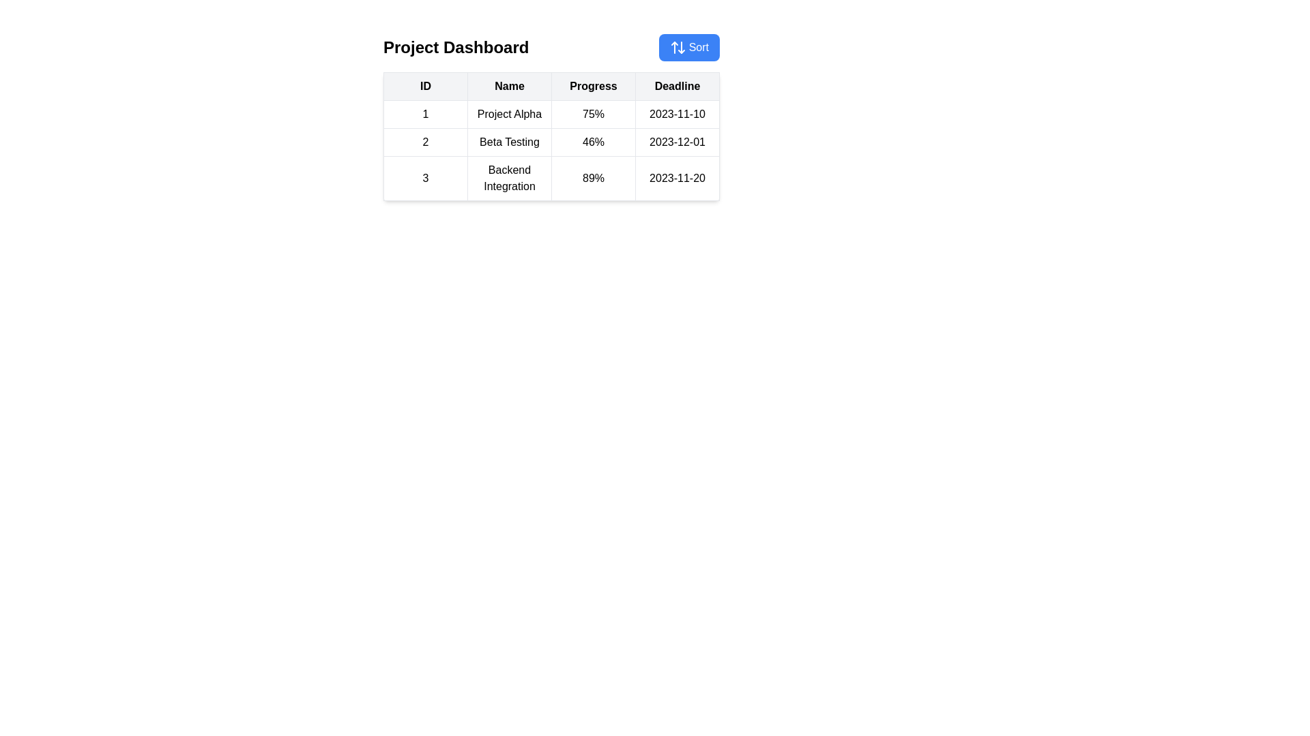 This screenshot has width=1310, height=736. I want to click on text displayed in bold black font that shows '75%' under the 'Progress' column for 'Project Alpha', so click(593, 114).